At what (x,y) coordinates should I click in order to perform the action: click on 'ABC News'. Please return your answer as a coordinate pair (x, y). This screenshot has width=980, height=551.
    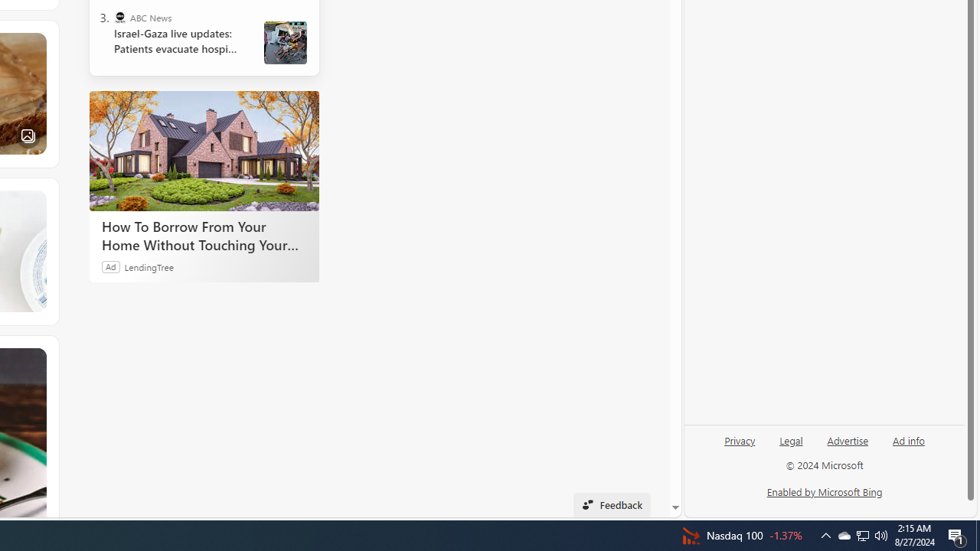
    Looking at the image, I should click on (119, 18).